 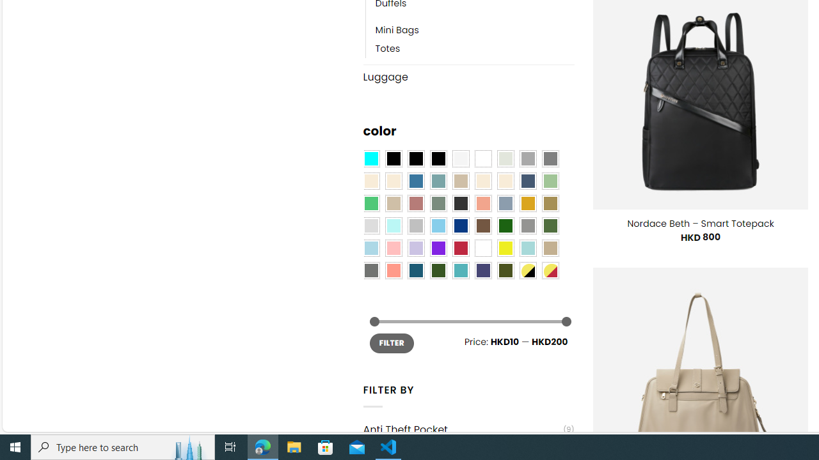 What do you see at coordinates (438, 226) in the screenshot?
I see `'Sky Blue'` at bounding box center [438, 226].